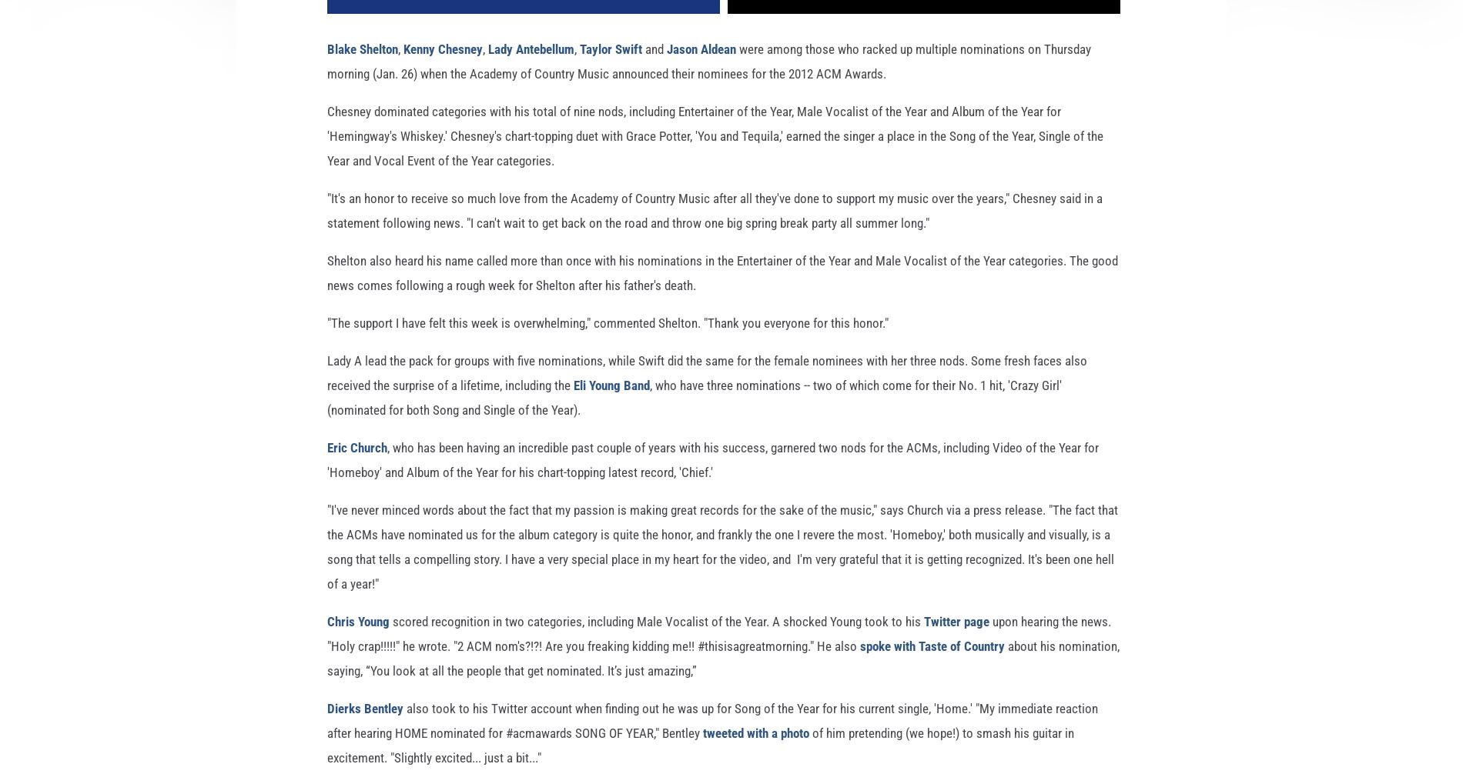 This screenshot has width=1463, height=784. Describe the element at coordinates (524, 18) in the screenshot. I see `'SHARE'` at that location.